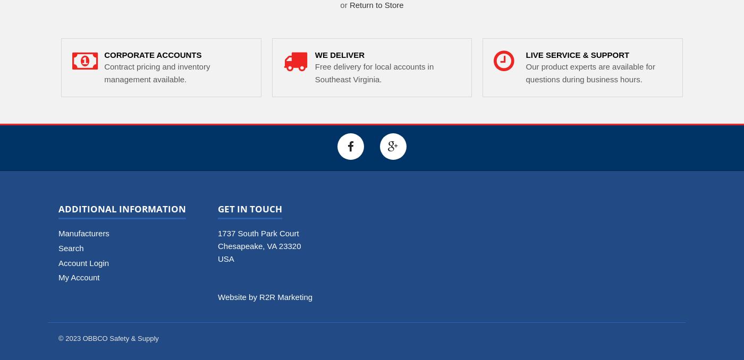 This screenshot has height=360, width=744. I want to click on 'Search', so click(71, 247).